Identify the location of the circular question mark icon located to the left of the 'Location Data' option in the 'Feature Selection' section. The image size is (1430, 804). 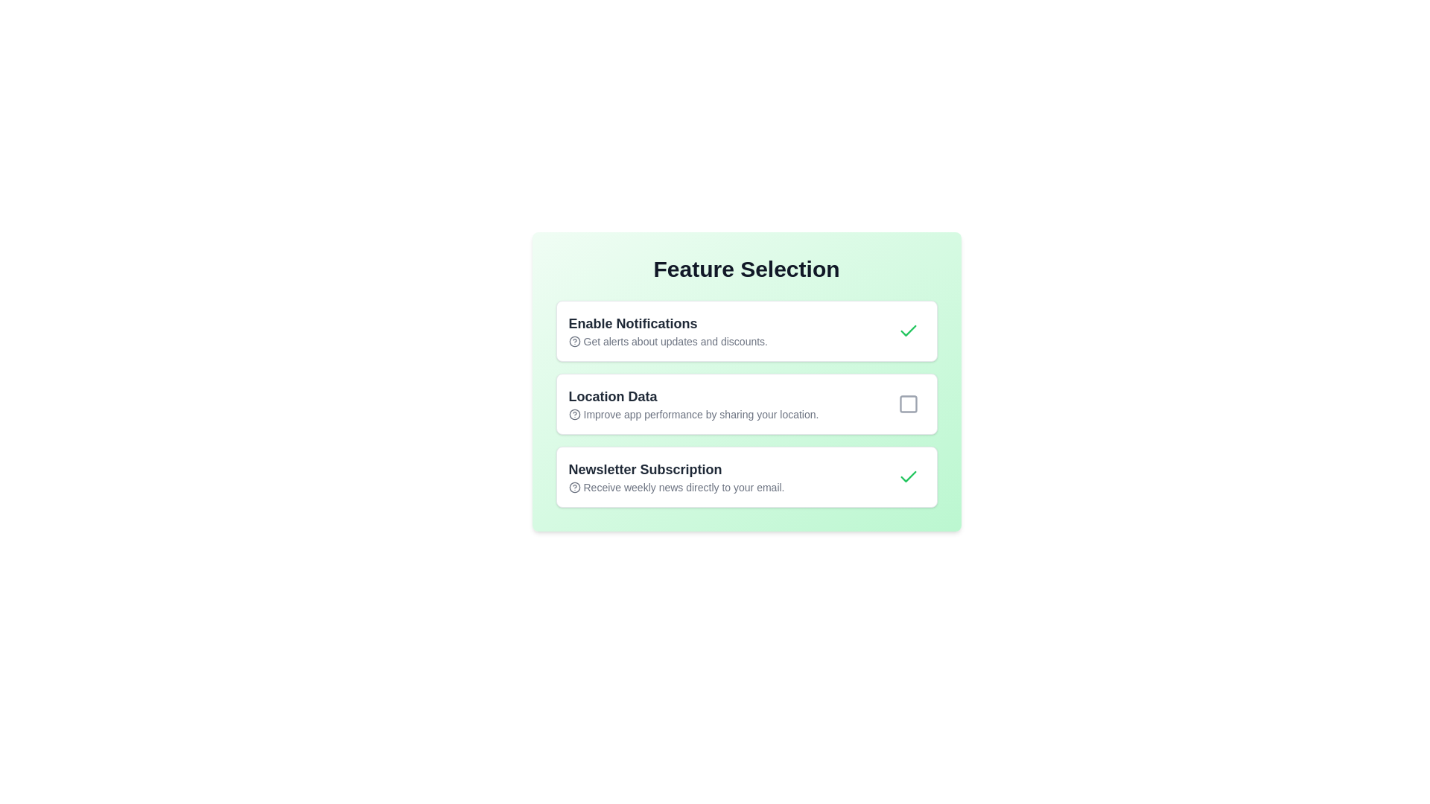
(573, 414).